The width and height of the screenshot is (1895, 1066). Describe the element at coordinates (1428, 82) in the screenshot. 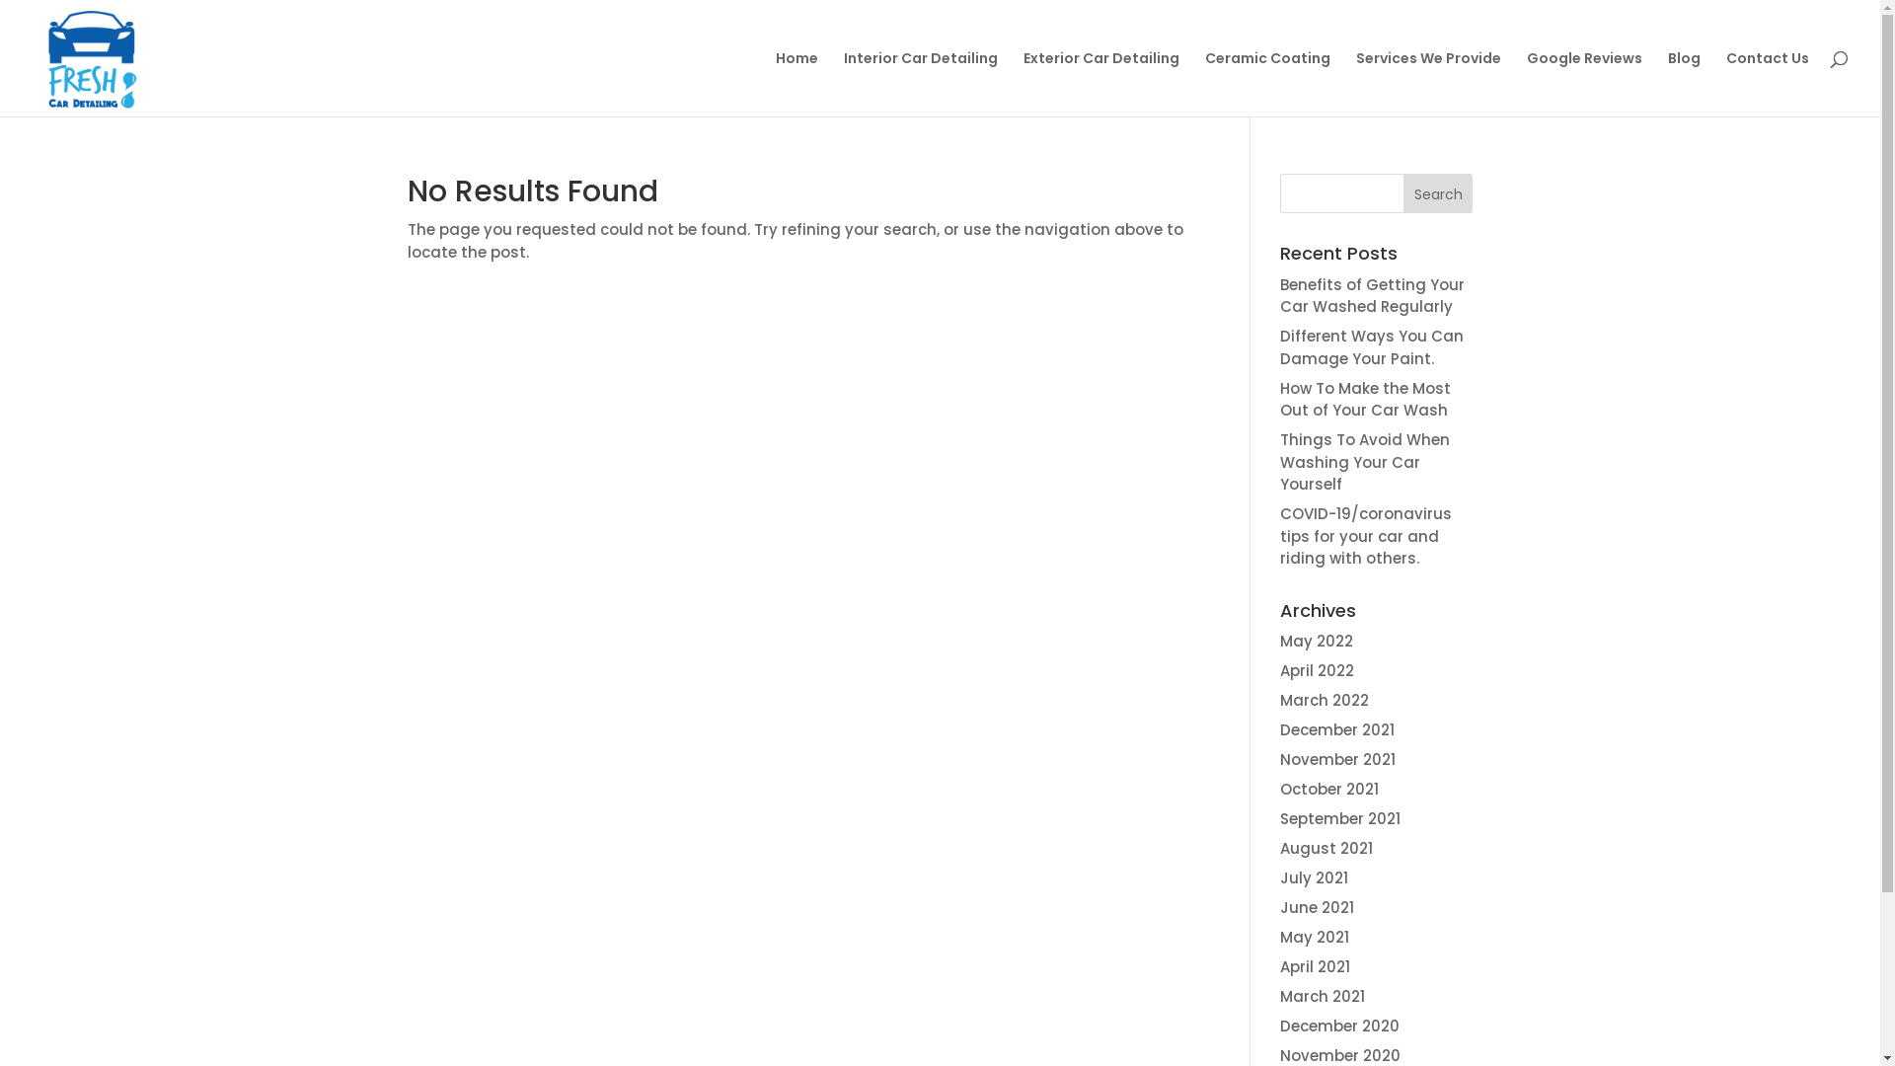

I see `'Services We Provide'` at that location.